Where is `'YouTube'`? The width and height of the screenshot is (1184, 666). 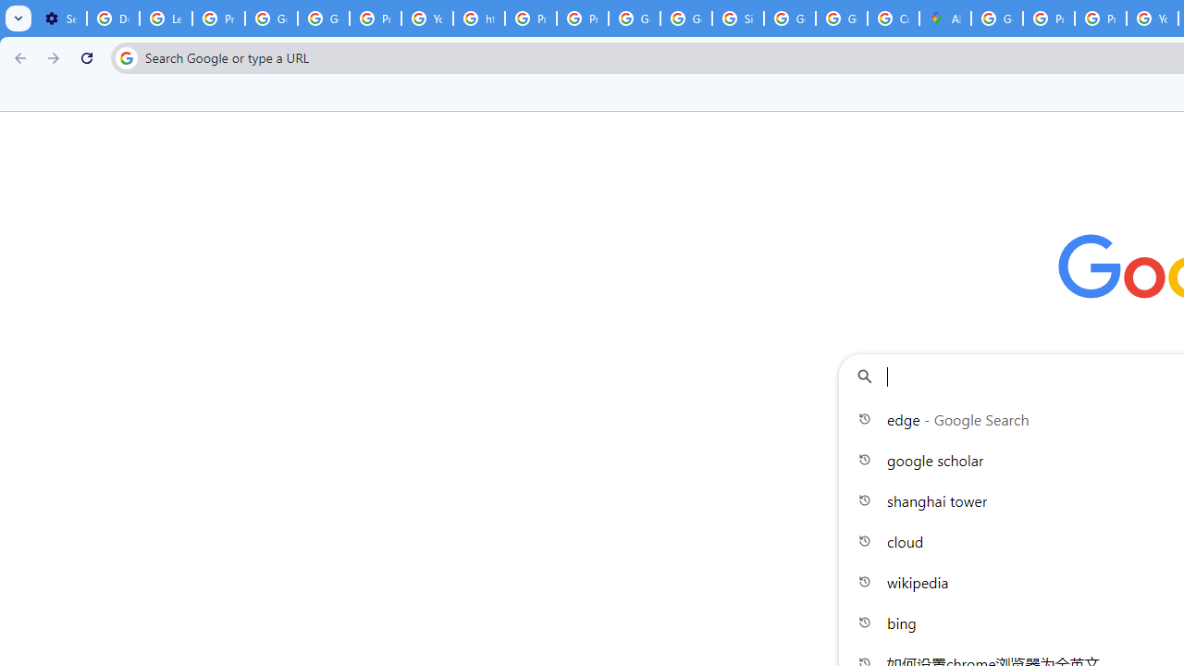
'YouTube' is located at coordinates (426, 18).